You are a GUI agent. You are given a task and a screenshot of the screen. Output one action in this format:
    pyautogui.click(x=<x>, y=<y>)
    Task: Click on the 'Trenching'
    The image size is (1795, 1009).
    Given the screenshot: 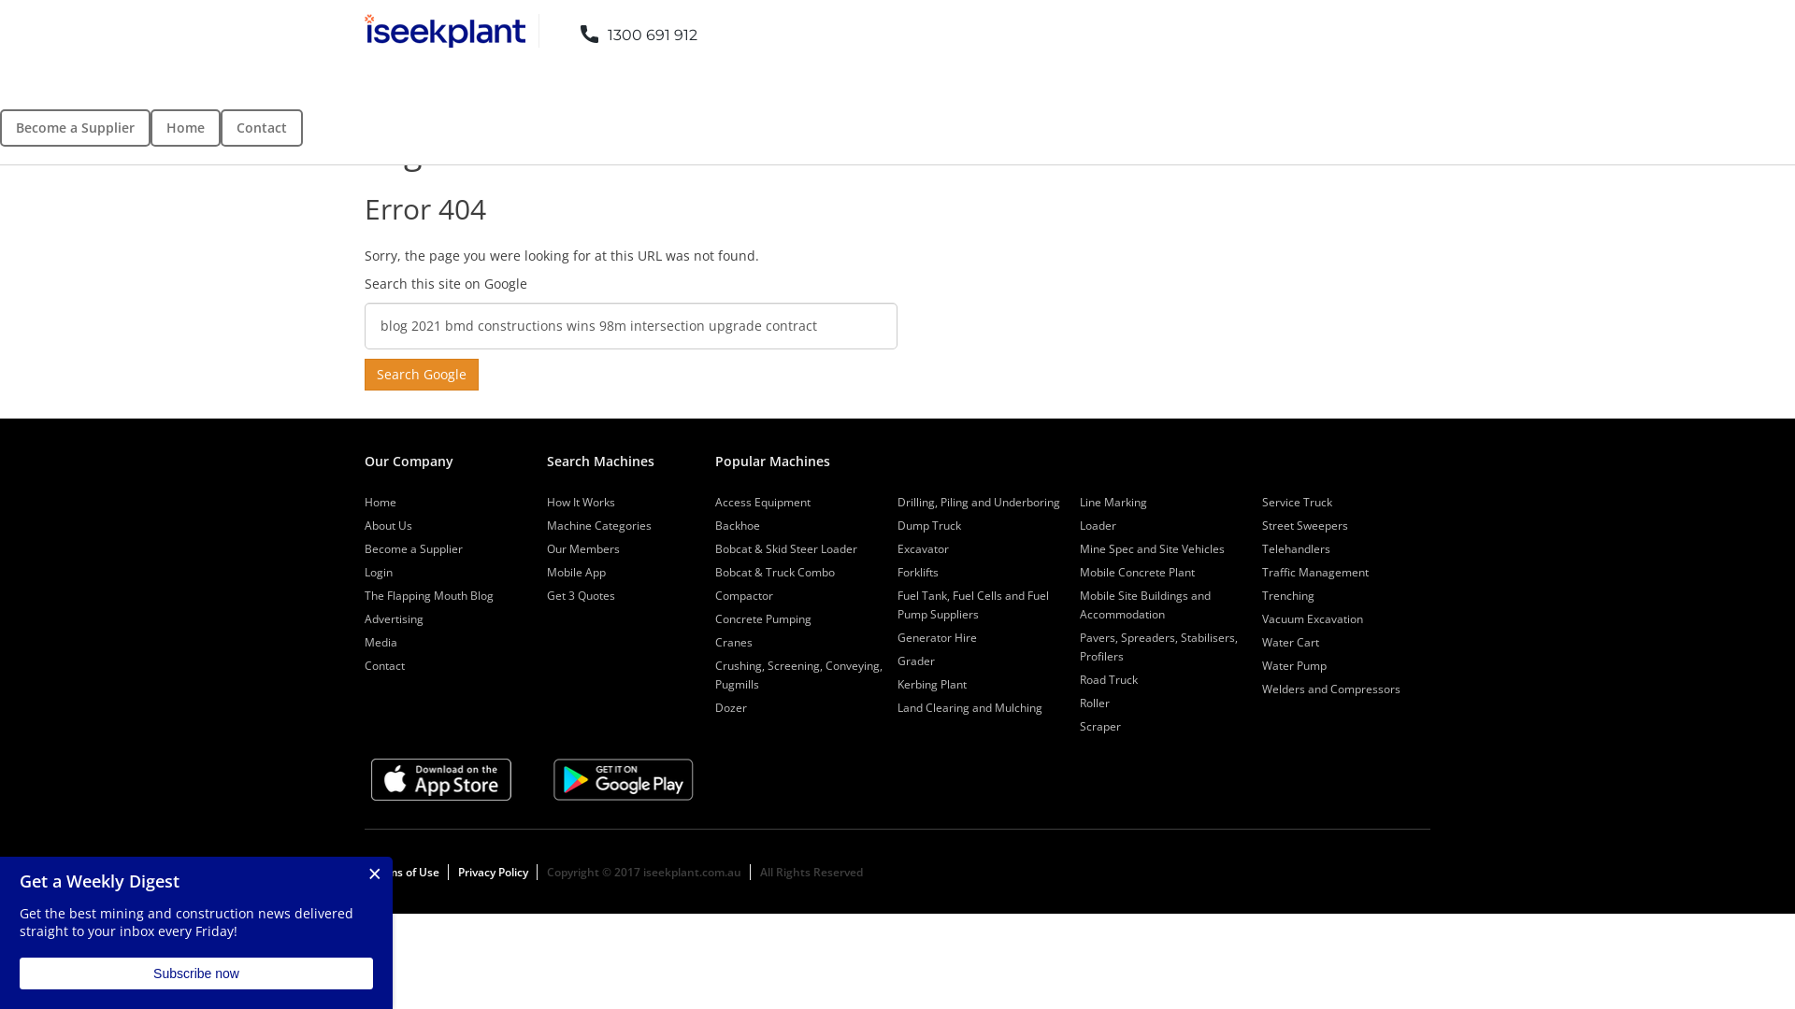 What is the action you would take?
    pyautogui.click(x=1286, y=595)
    